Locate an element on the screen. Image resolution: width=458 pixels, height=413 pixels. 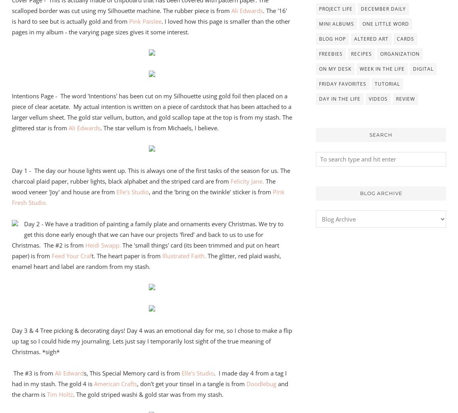
'One Little Word' is located at coordinates (385, 23).